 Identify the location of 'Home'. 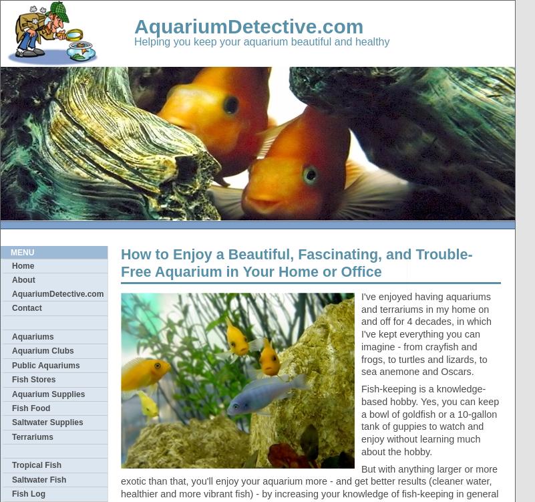
(12, 265).